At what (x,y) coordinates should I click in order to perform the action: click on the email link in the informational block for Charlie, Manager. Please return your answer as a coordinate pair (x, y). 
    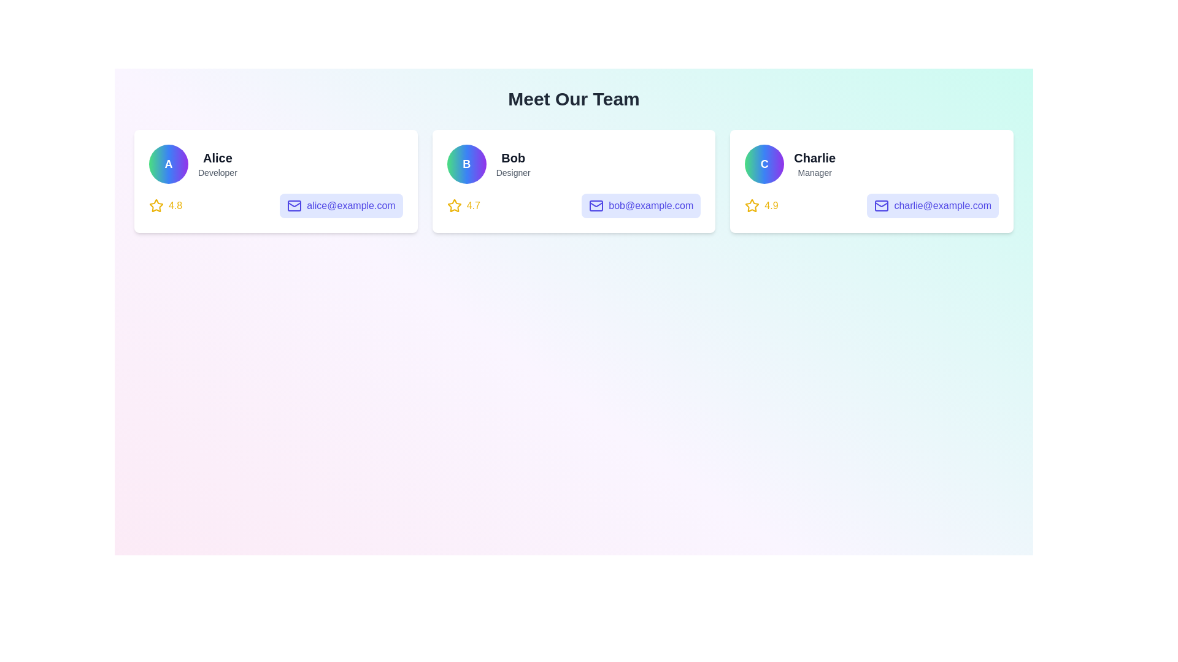
    Looking at the image, I should click on (871, 205).